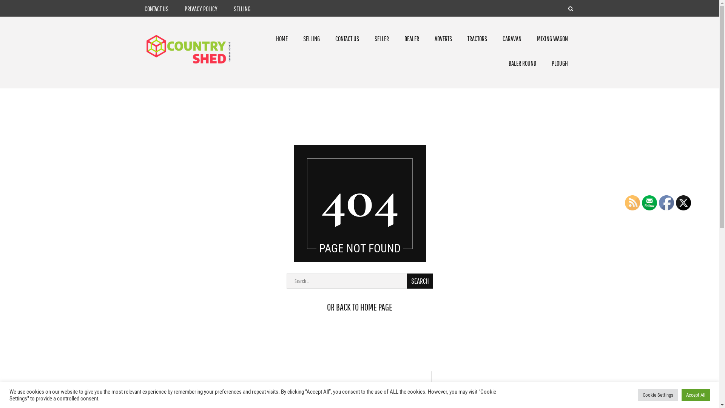 The image size is (725, 408). I want to click on 'Facebook', so click(659, 202).